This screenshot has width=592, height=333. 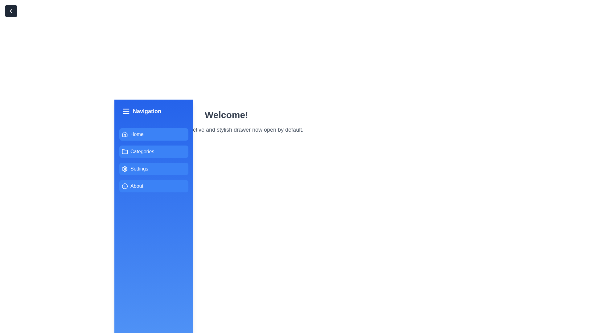 I want to click on the hamburger menu icon located to the left of the 'Navigation' text in the left-side vertical navigation bar, so click(x=125, y=111).